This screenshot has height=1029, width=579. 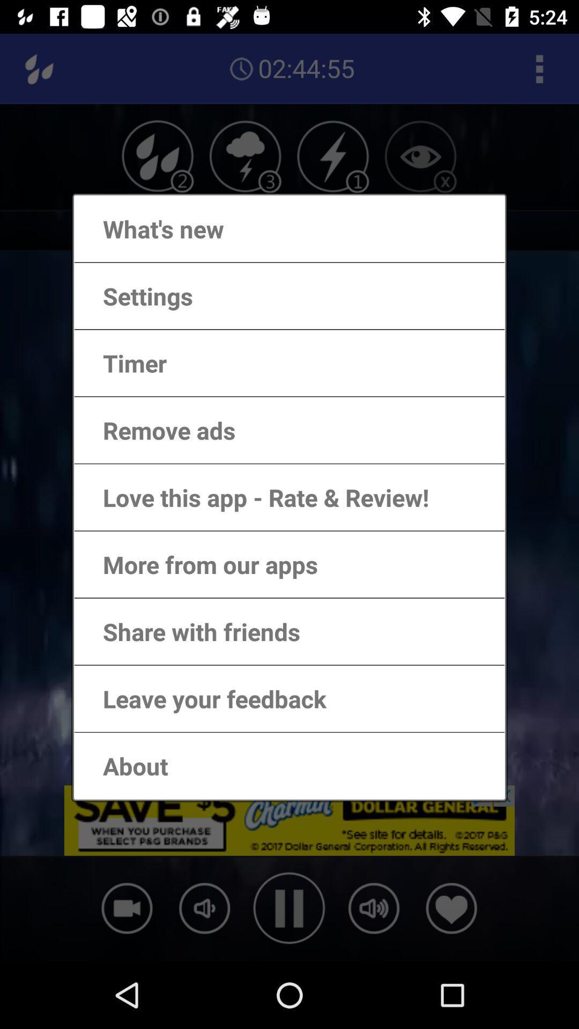 What do you see at coordinates (204, 698) in the screenshot?
I see `item above the about` at bounding box center [204, 698].